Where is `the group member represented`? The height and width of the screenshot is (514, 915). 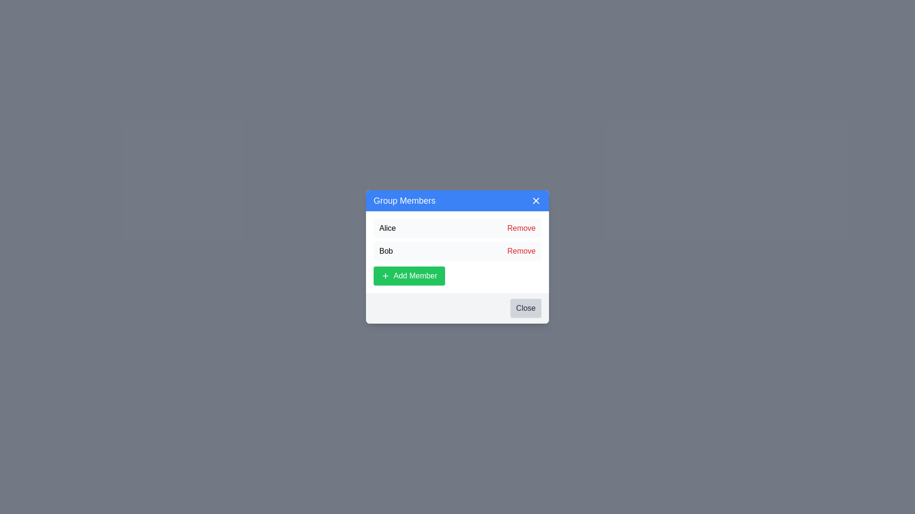
the group member represented is located at coordinates (457, 251).